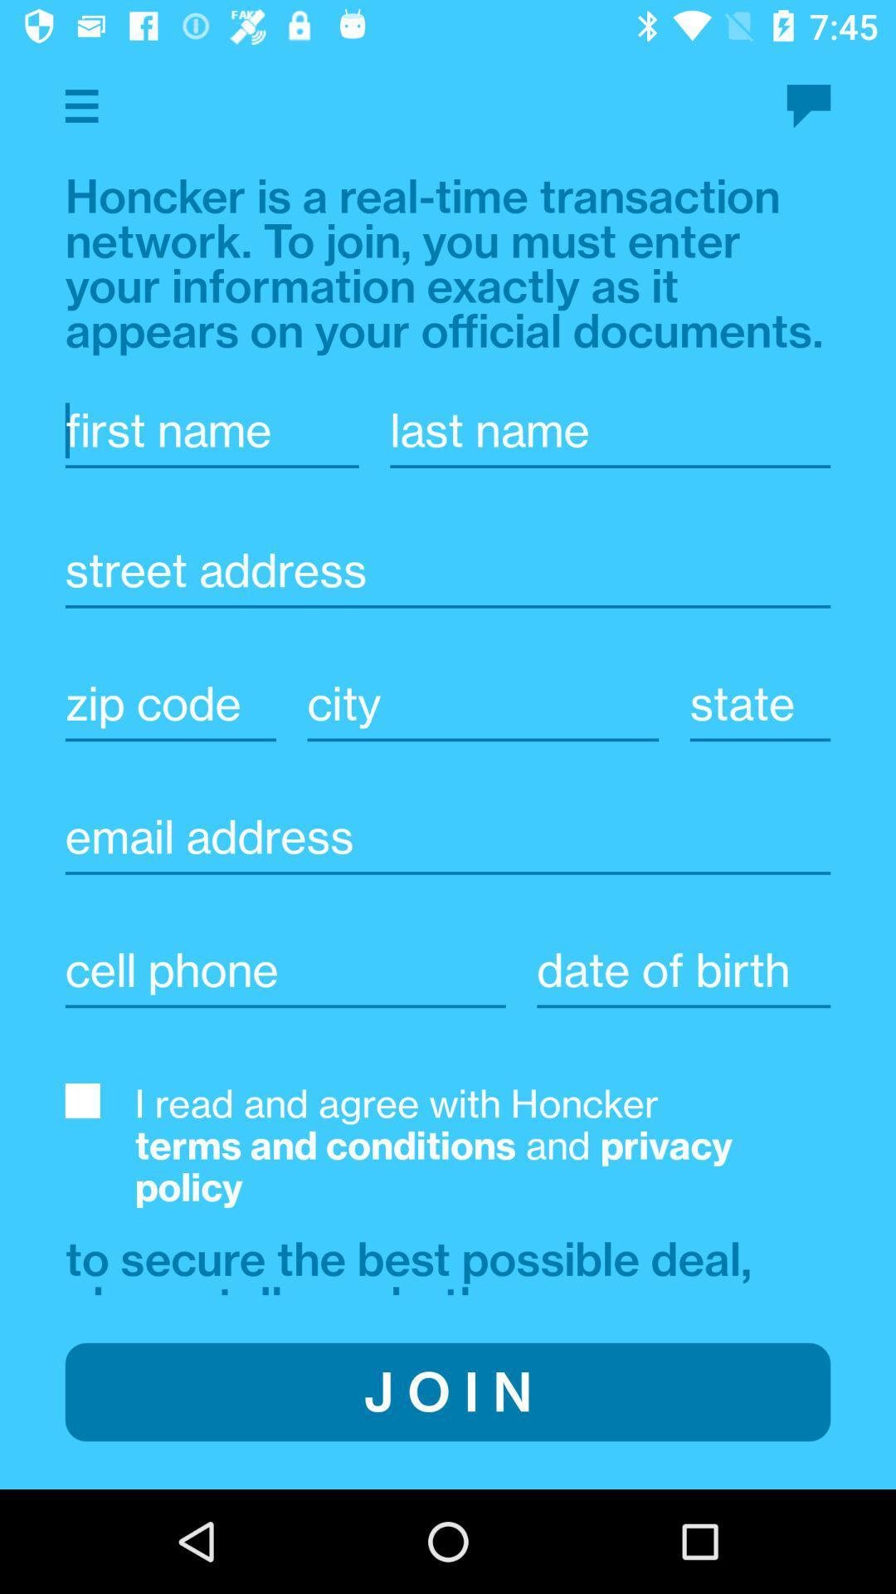  What do you see at coordinates (211, 430) in the screenshot?
I see `input first name` at bounding box center [211, 430].